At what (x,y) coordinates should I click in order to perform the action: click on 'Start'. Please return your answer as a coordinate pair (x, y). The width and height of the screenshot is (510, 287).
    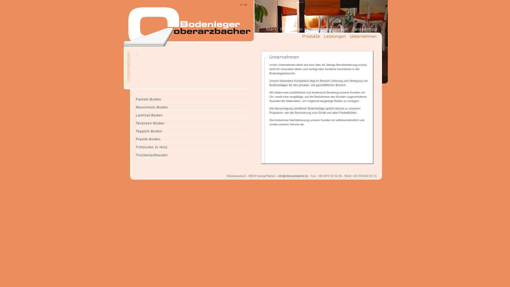
    Looking at the image, I should click on (271, 29).